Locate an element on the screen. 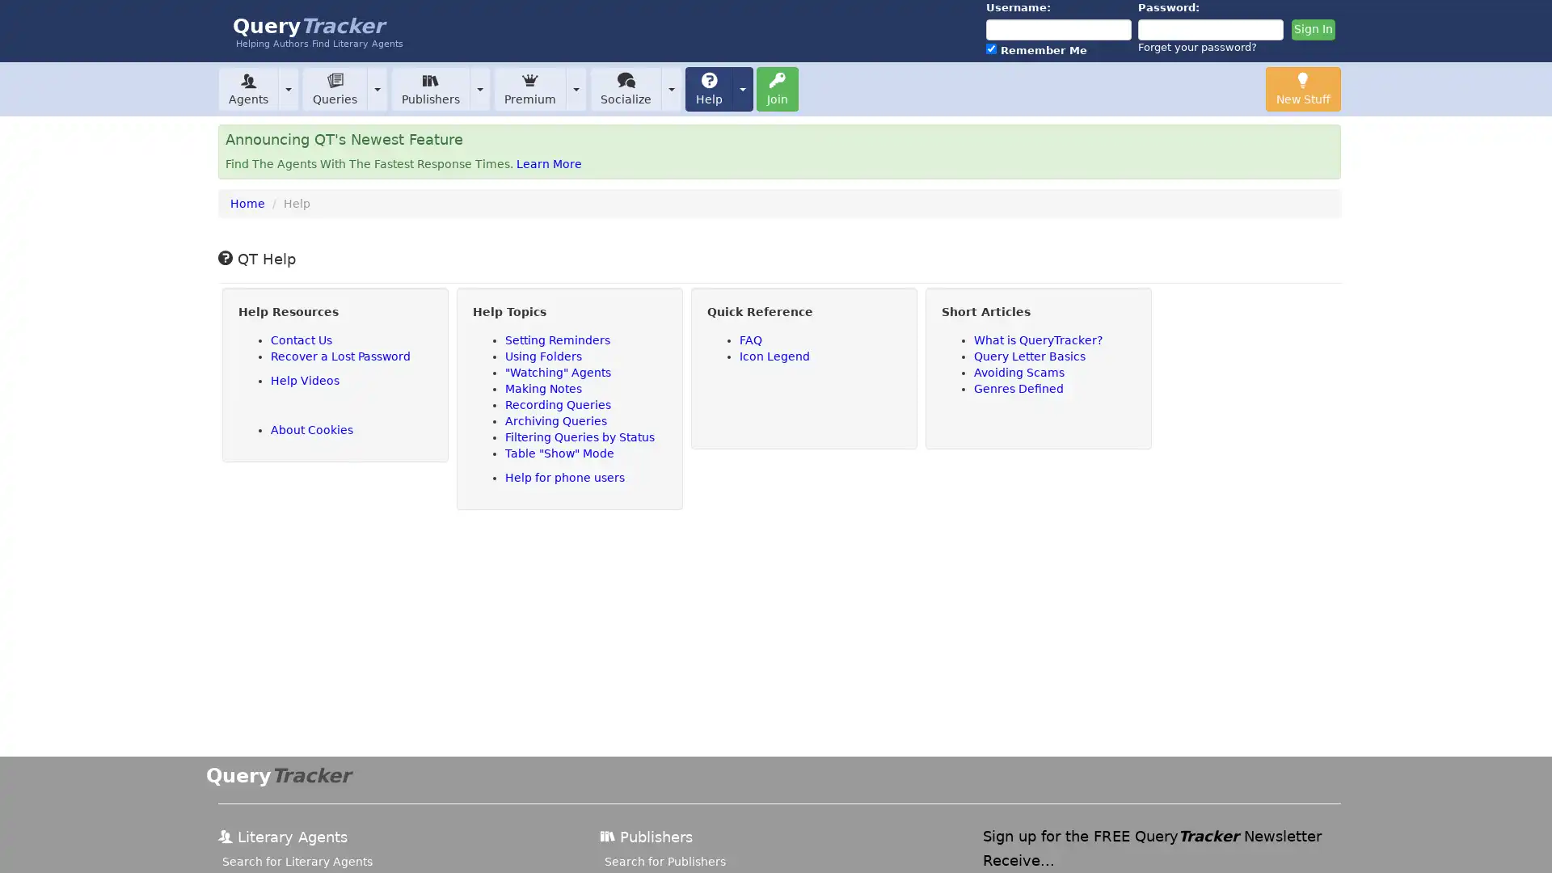 The image size is (1552, 873). Toggle Dropdown is located at coordinates (671, 88).